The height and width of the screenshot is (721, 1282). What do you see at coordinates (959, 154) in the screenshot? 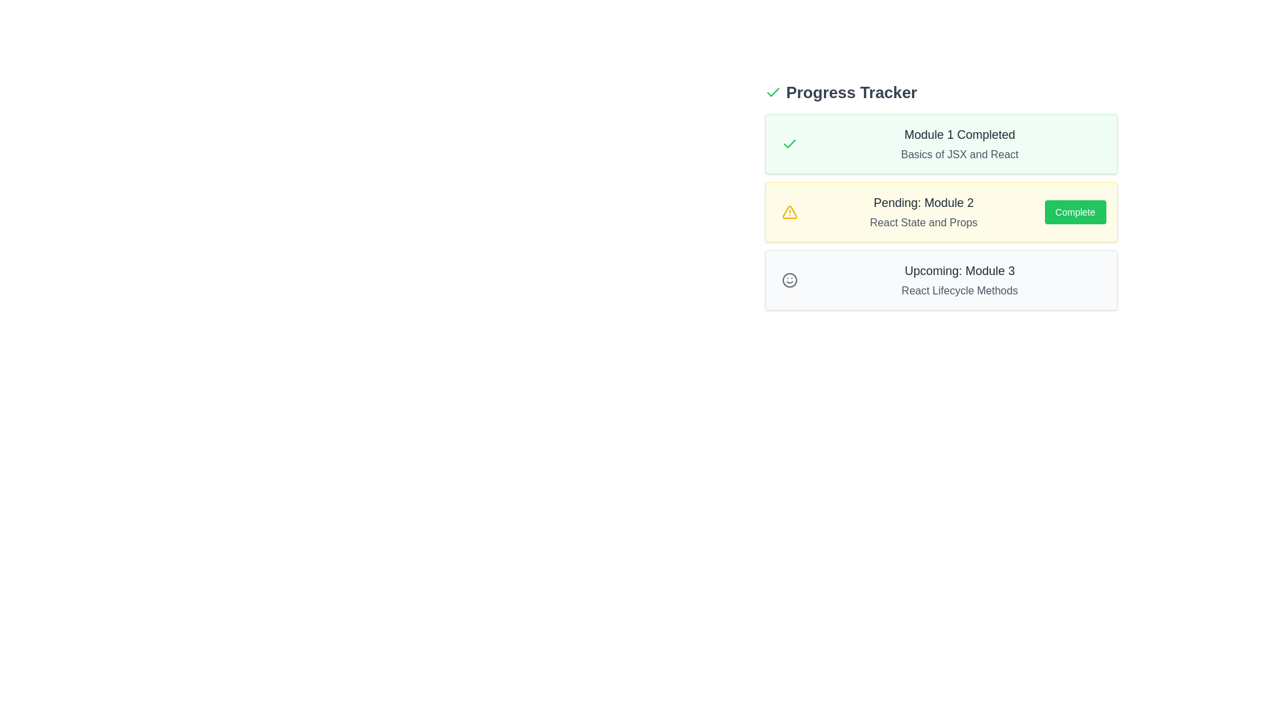
I see `text label that says 'Basics of JSX and React', which is located below 'Module 1 Completed' in the progress tracker interface, inside a green-highlighted box` at bounding box center [959, 154].